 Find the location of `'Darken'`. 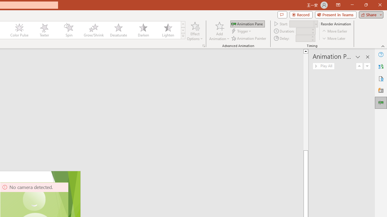

'Darken' is located at coordinates (143, 30).